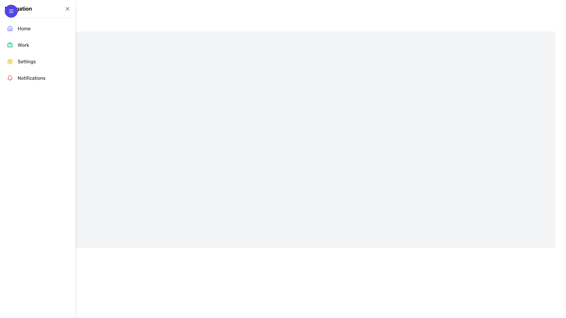  Describe the element at coordinates (10, 78) in the screenshot. I see `the red bell icon in the left sidebar associated with the 'Notifications' label` at that location.